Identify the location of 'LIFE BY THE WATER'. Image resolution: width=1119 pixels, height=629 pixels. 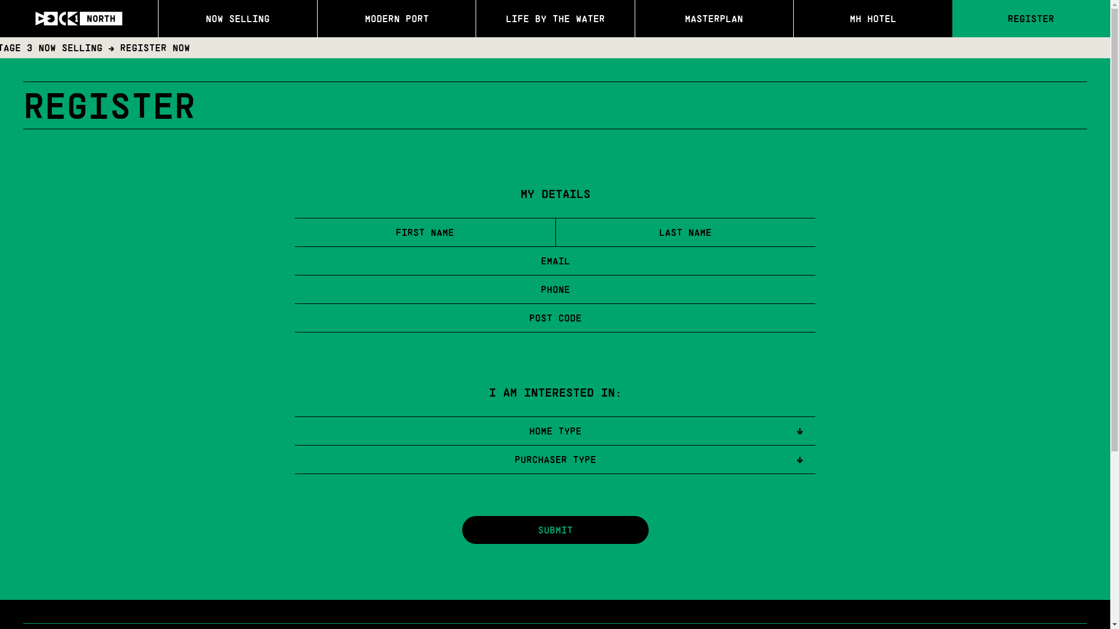
(554, 18).